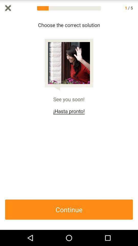 This screenshot has height=246, width=138. Describe the element at coordinates (8, 8) in the screenshot. I see `the close icon` at that location.